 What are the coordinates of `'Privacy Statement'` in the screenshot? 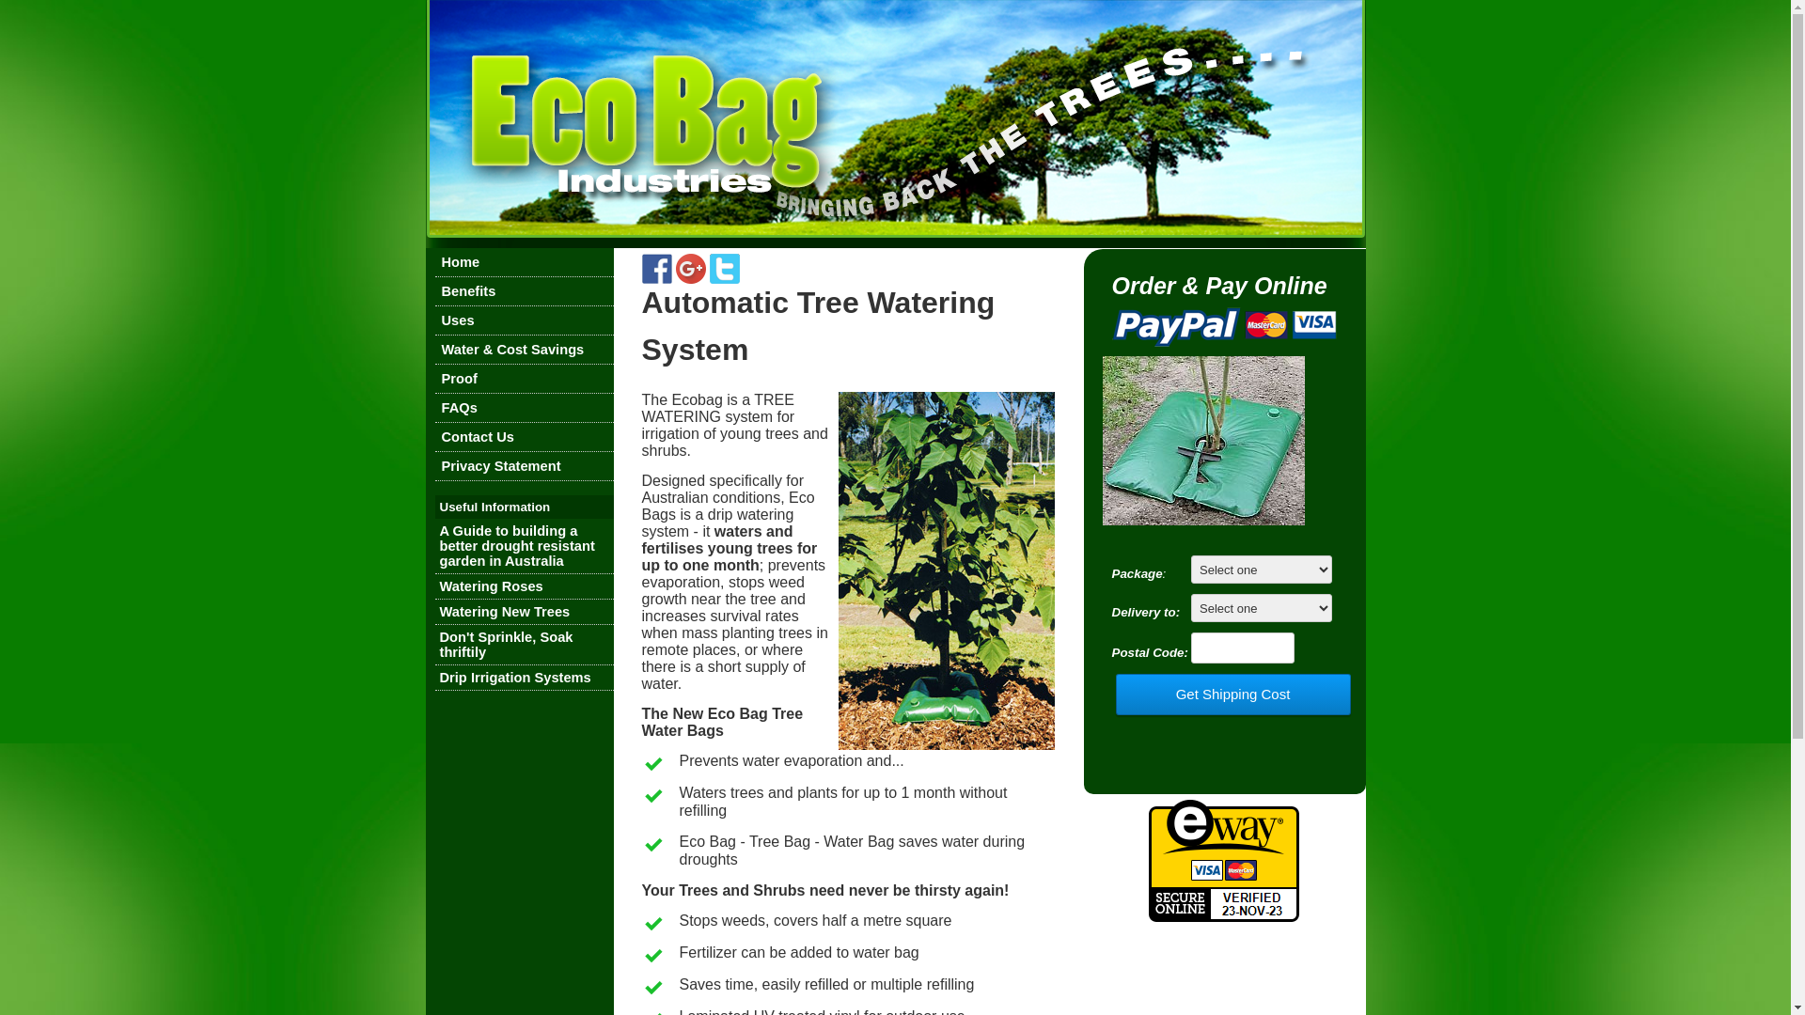 It's located at (501, 465).